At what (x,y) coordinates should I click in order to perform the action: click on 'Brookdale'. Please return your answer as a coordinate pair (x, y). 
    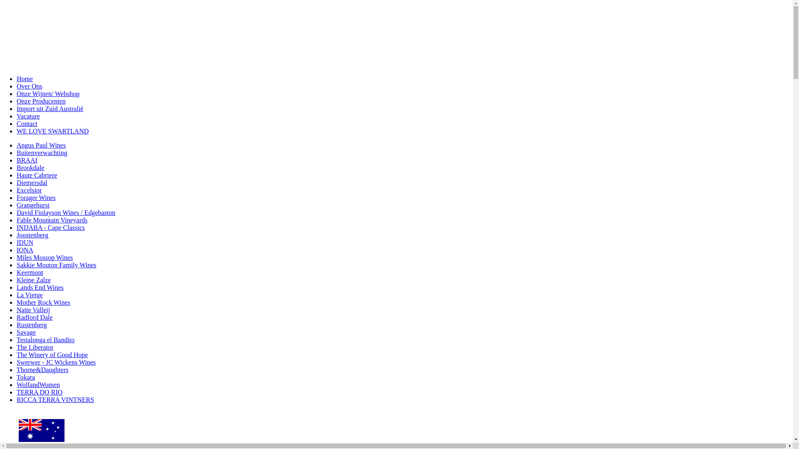
    Looking at the image, I should click on (30, 168).